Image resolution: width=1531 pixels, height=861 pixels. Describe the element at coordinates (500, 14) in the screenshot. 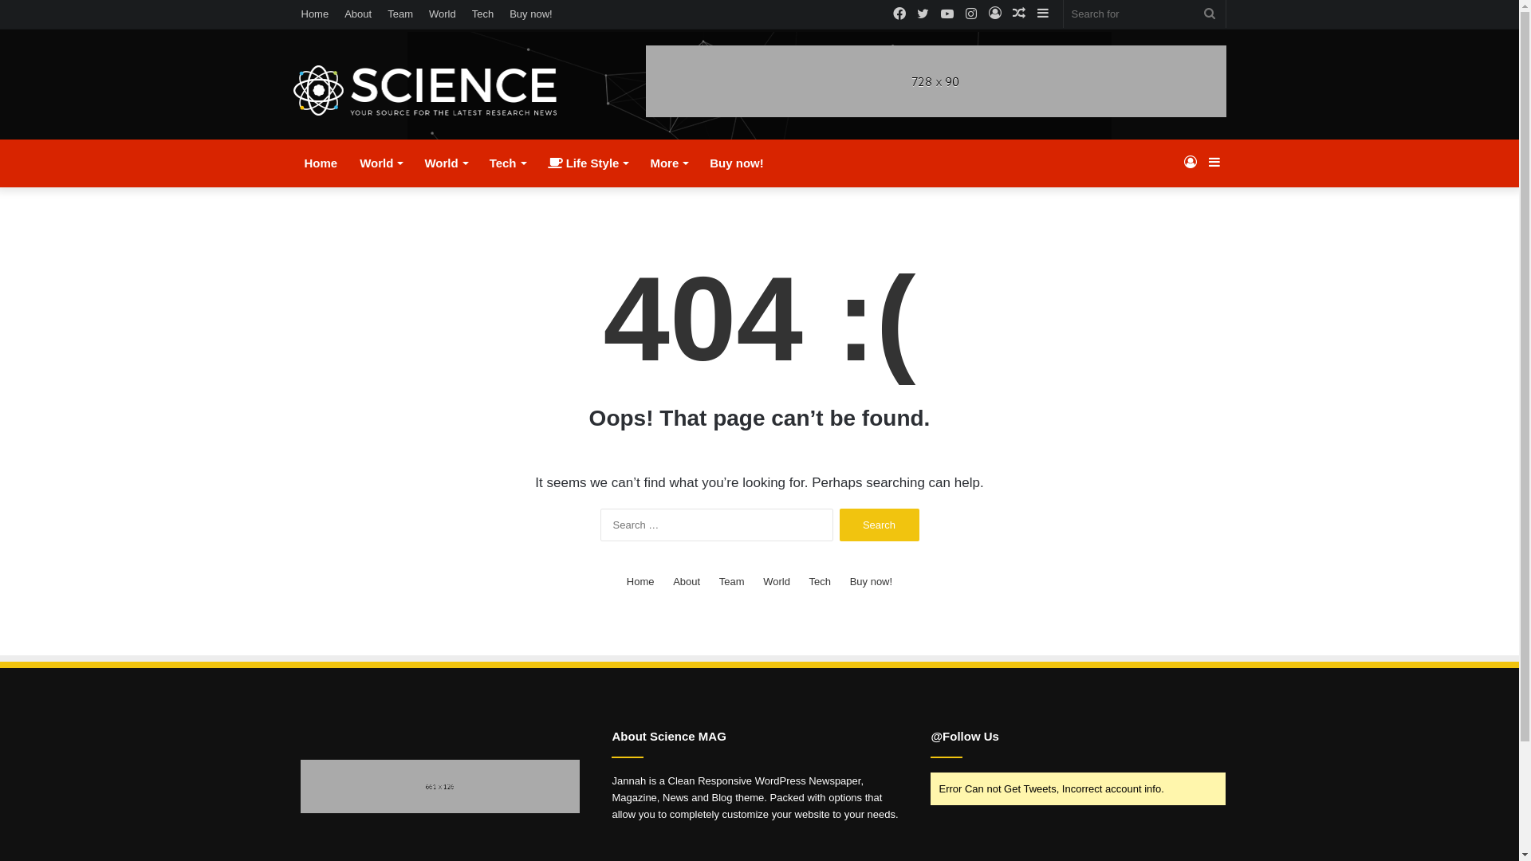

I see `'Buy now!'` at that location.